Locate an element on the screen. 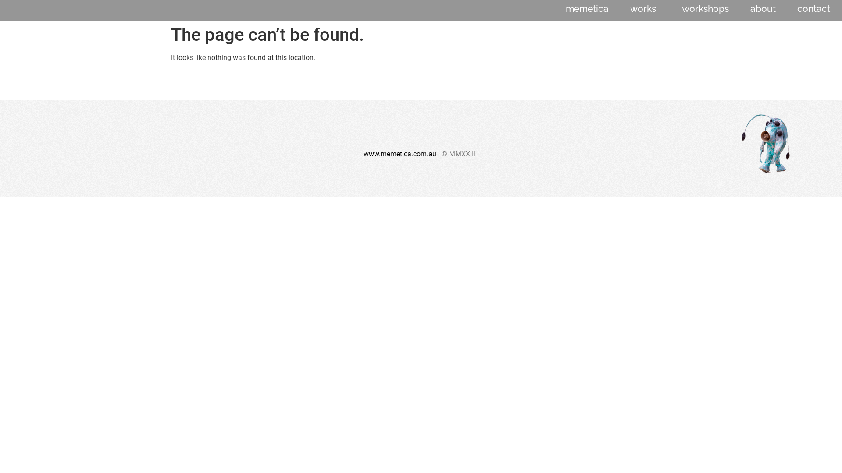 This screenshot has width=842, height=473. 'www.memetica.com.au' is located at coordinates (363, 153).